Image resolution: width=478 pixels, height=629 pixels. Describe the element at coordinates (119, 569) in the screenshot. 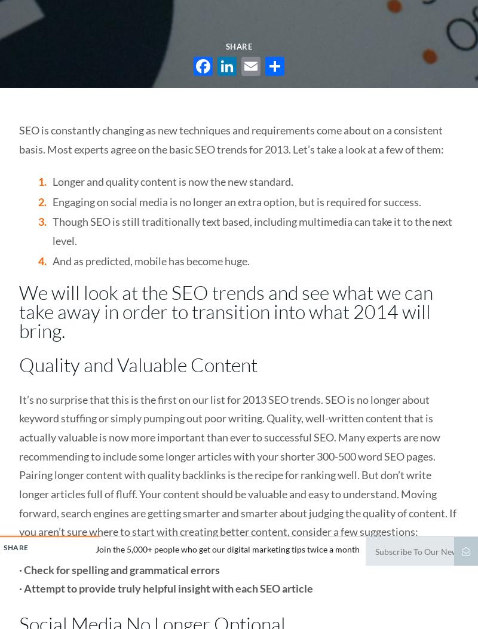

I see `'· Check for spelling and grammatical errors'` at that location.